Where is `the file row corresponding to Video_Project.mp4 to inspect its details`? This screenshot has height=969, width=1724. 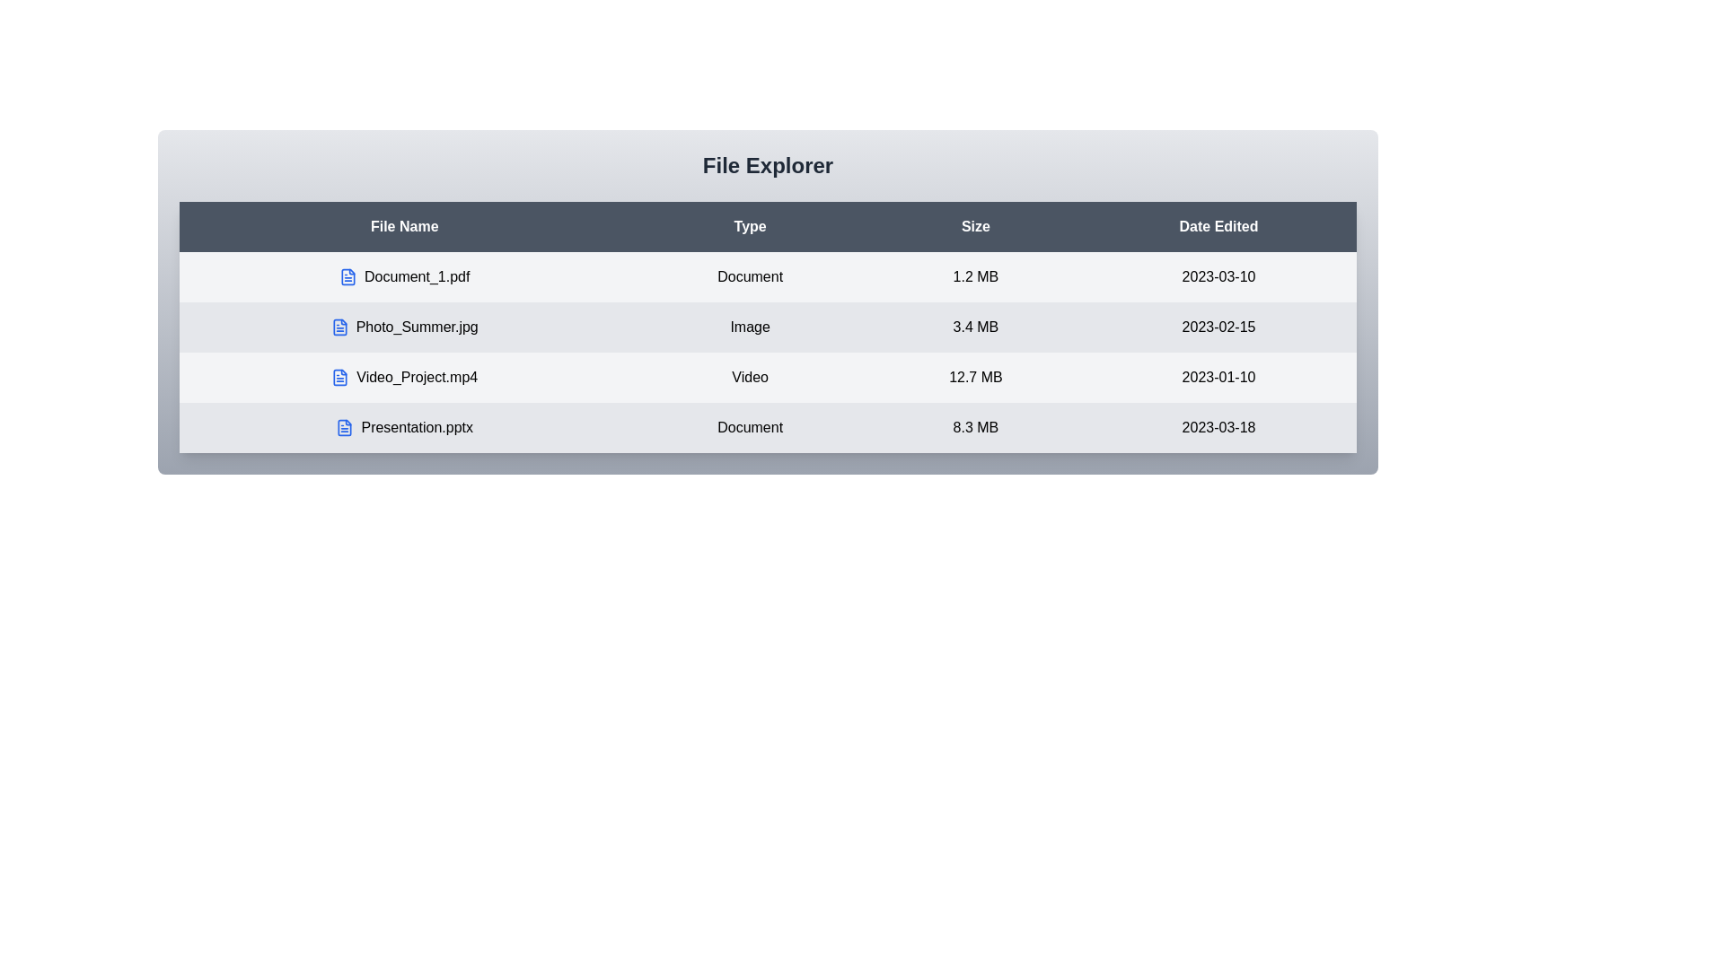
the file row corresponding to Video_Project.mp4 to inspect its details is located at coordinates (403, 376).